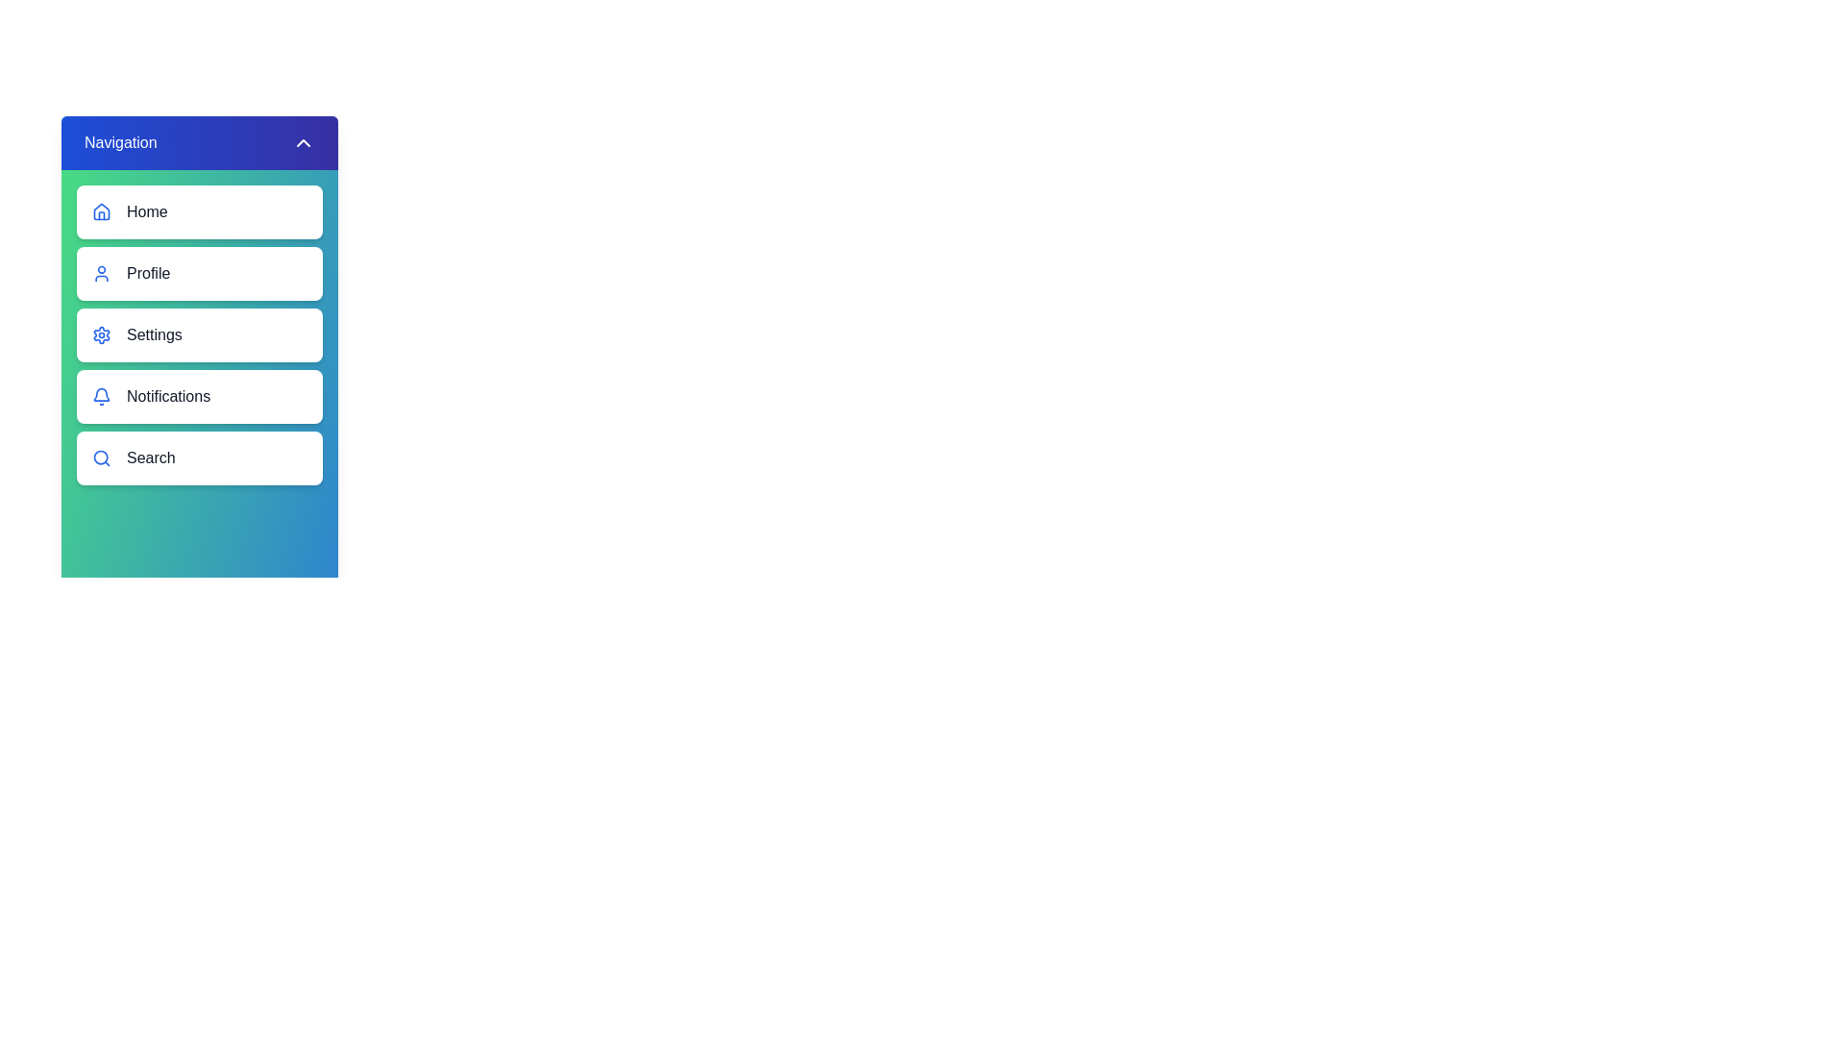 The height and width of the screenshot is (1038, 1845). What do you see at coordinates (100, 334) in the screenshot?
I see `the 'Settings' icon located at the left edge of the 'Settings' button in the navigation menu` at bounding box center [100, 334].